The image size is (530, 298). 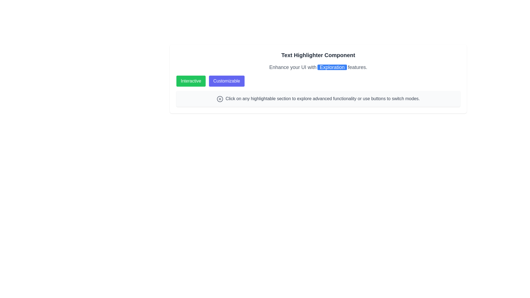 What do you see at coordinates (191, 81) in the screenshot?
I see `the green rectangular button labeled 'Interactive'` at bounding box center [191, 81].